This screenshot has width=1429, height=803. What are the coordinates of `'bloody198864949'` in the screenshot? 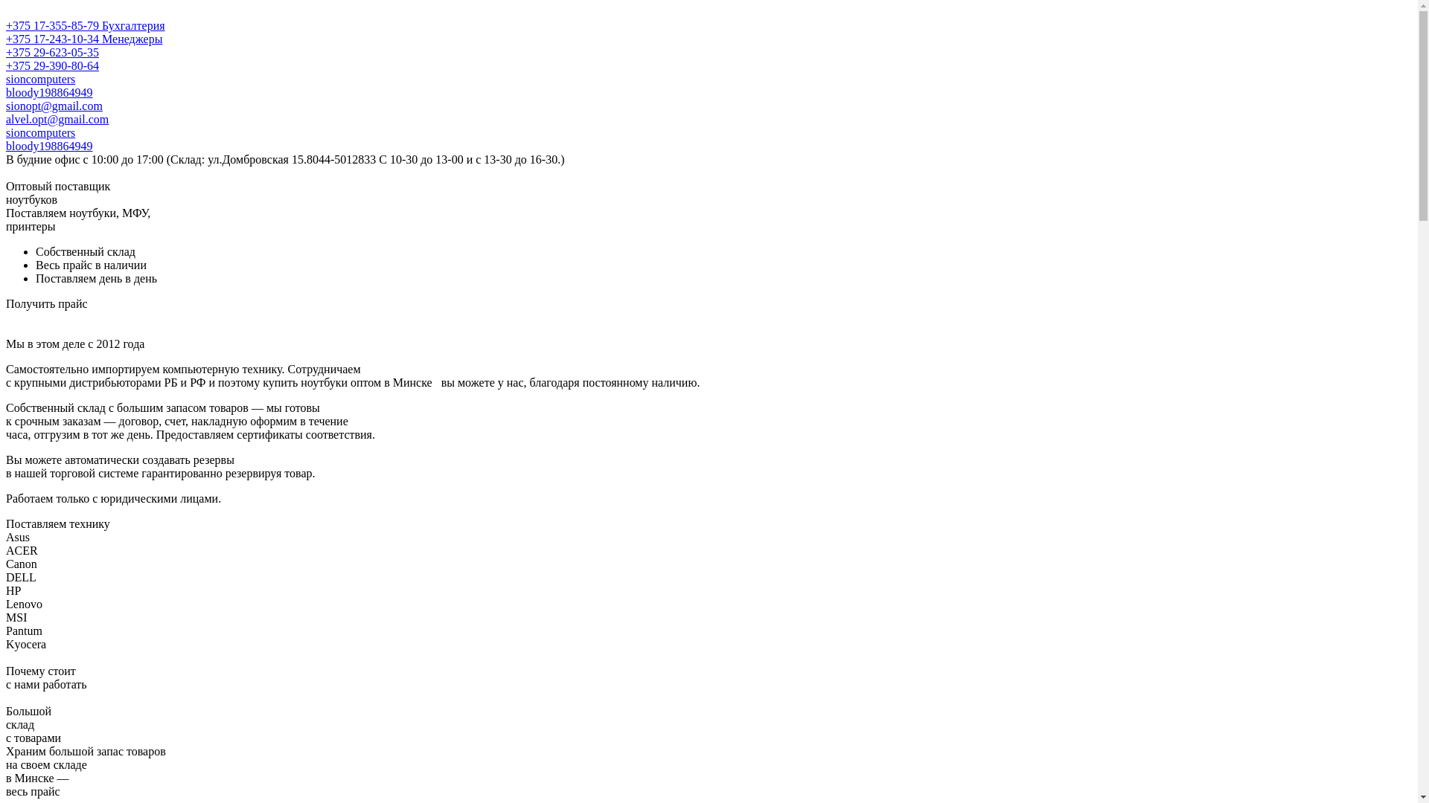 It's located at (49, 146).